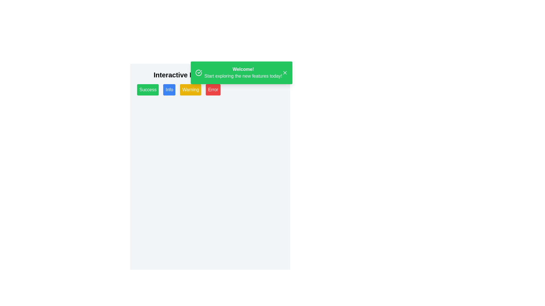  Describe the element at coordinates (243, 73) in the screenshot. I see `the static greeting text located in the top-right area of the interface within the green notification panel` at that location.